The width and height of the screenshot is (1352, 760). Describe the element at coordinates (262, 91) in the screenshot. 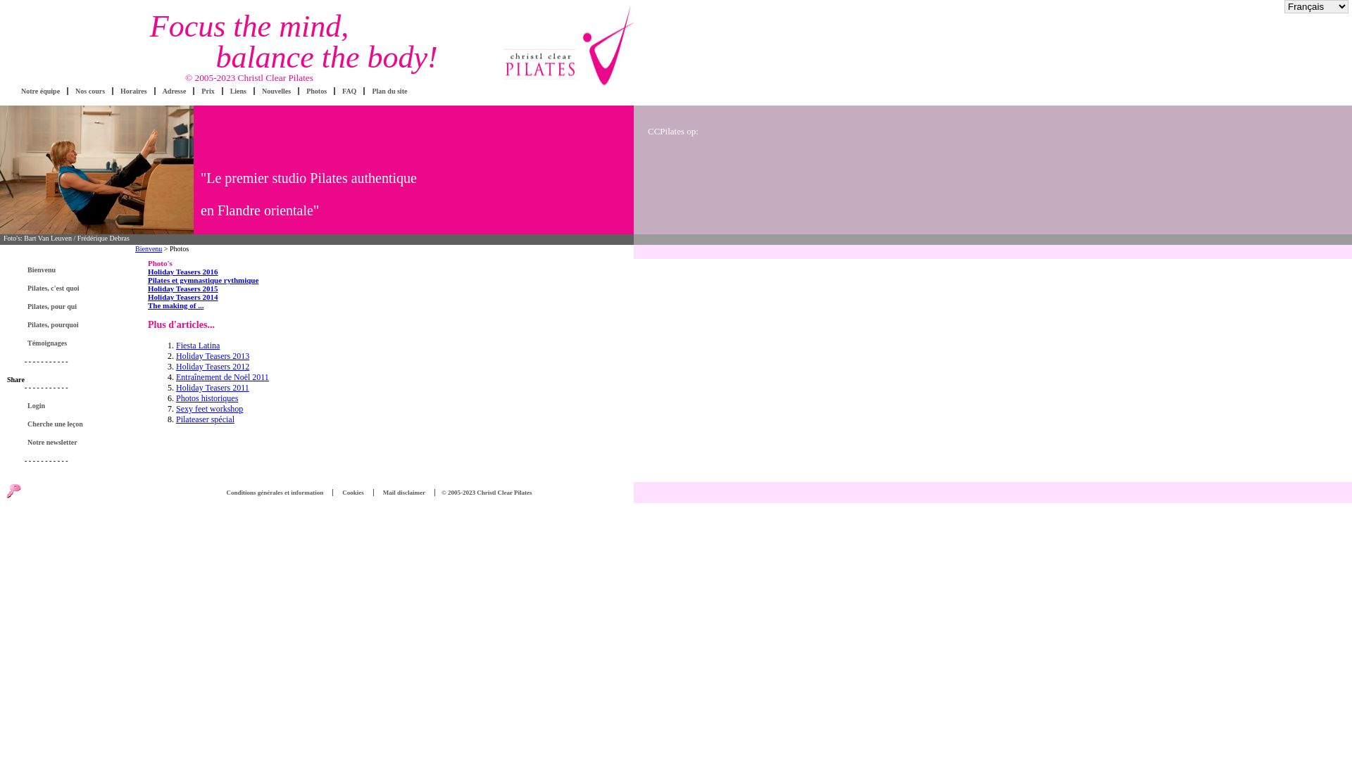

I see `'Nouvelles'` at that location.